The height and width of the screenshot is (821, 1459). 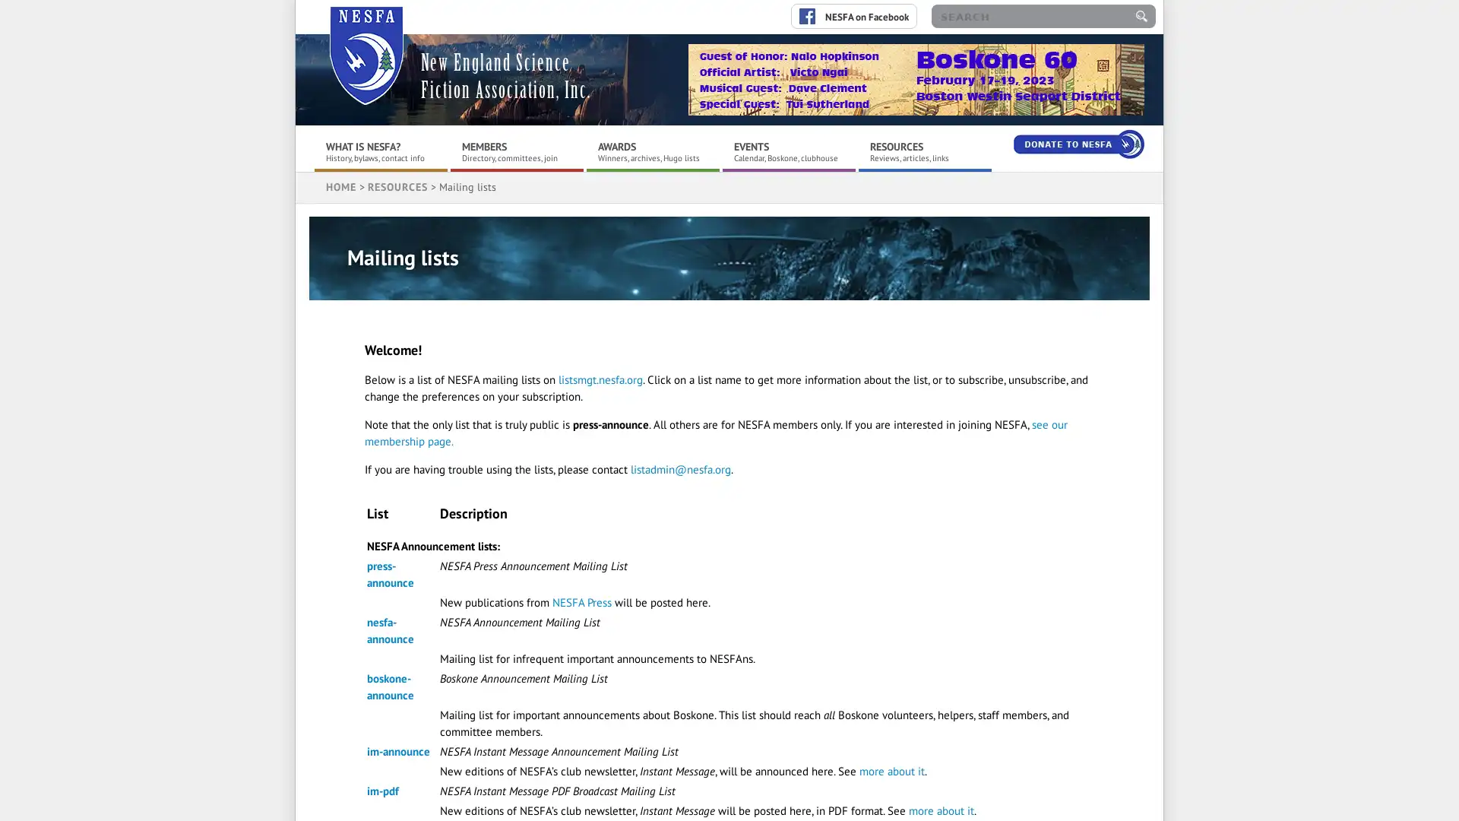 I want to click on submit, so click(x=1141, y=16).